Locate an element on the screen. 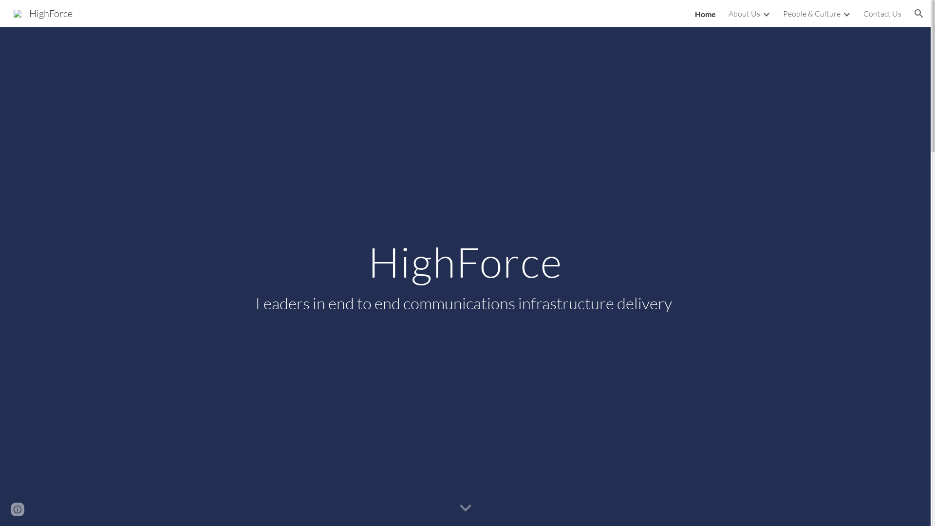 This screenshot has height=526, width=935. 'People & Culture' is located at coordinates (811, 13).